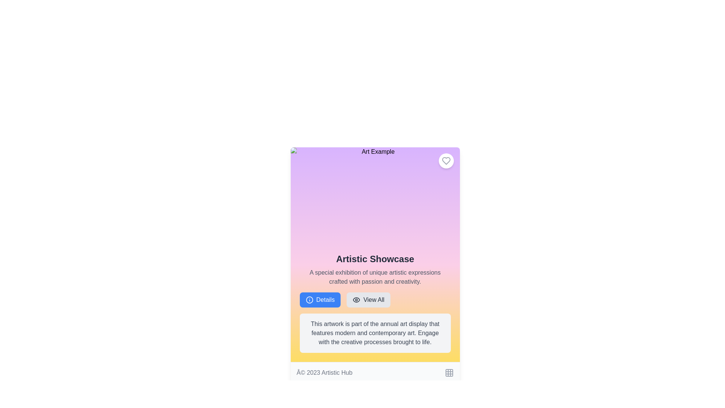 This screenshot has height=408, width=725. I want to click on the 'View All' button, which has a light gray background and black text, so click(375, 300).